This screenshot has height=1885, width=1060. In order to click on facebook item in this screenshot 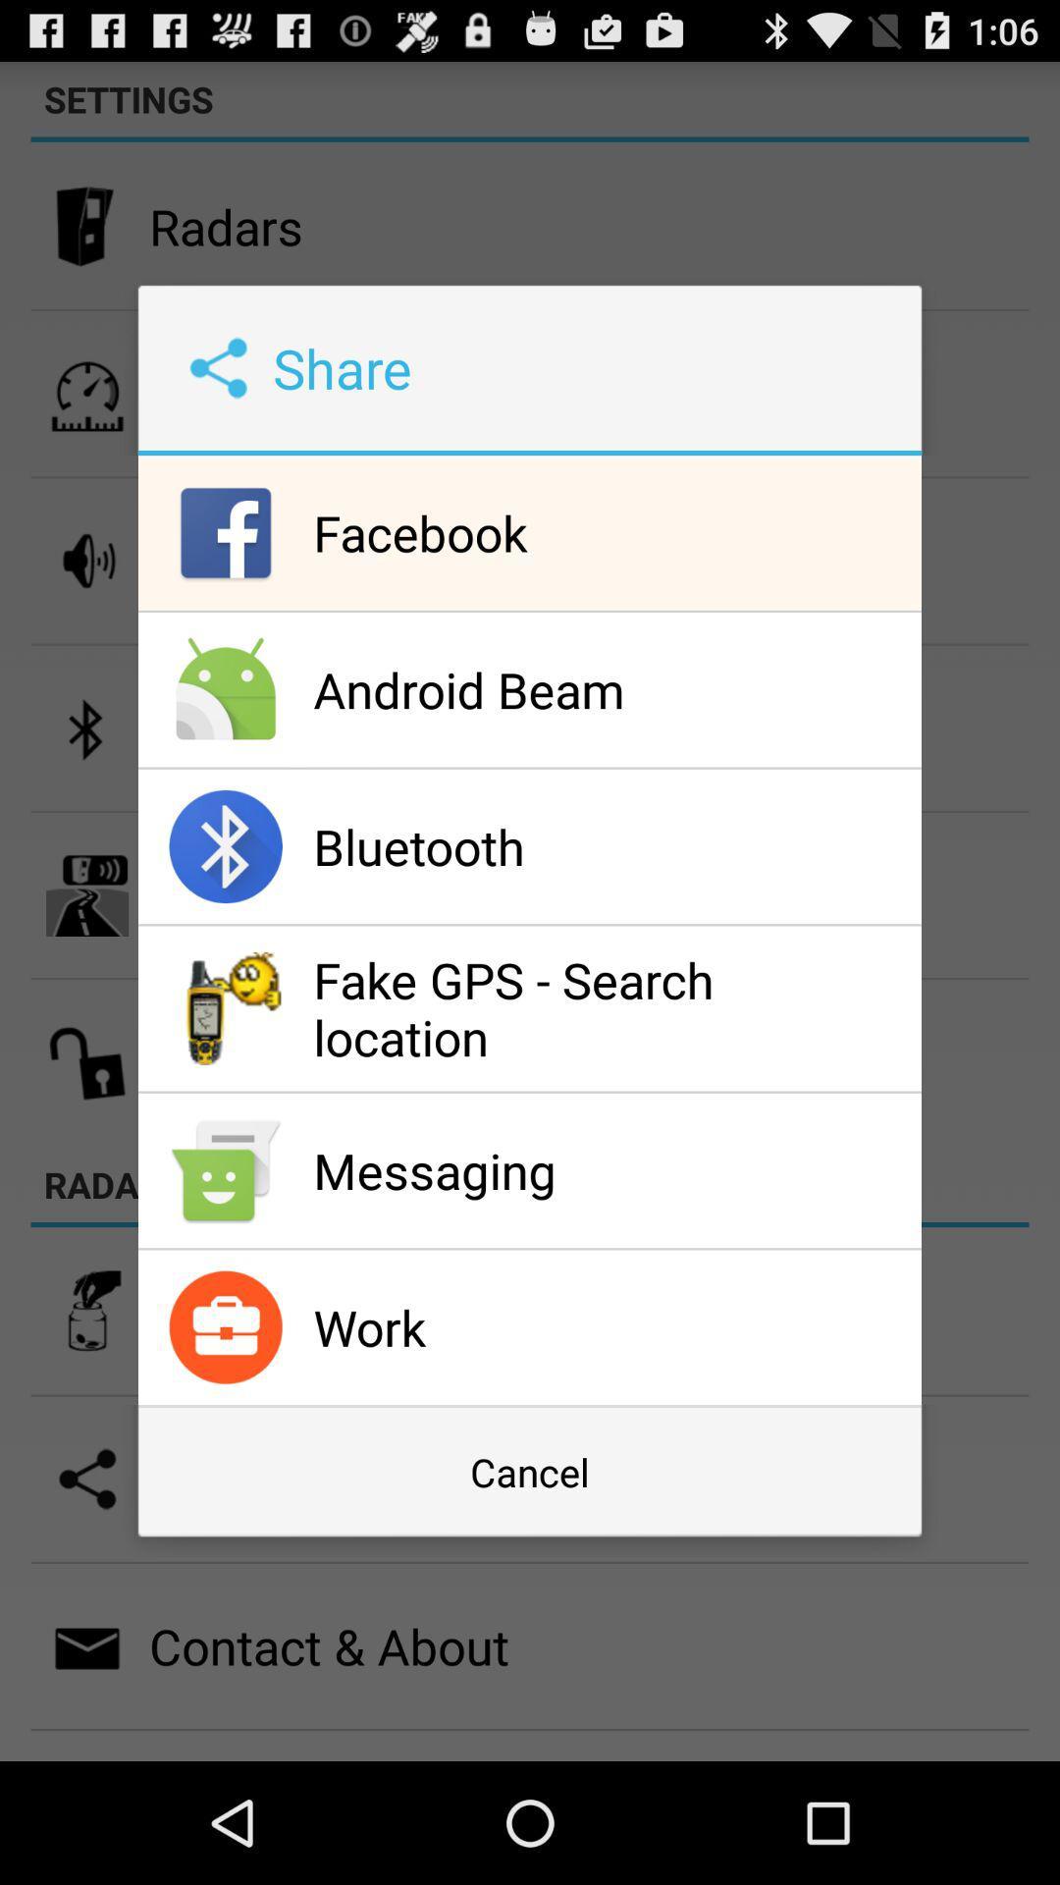, I will do `click(611, 532)`.